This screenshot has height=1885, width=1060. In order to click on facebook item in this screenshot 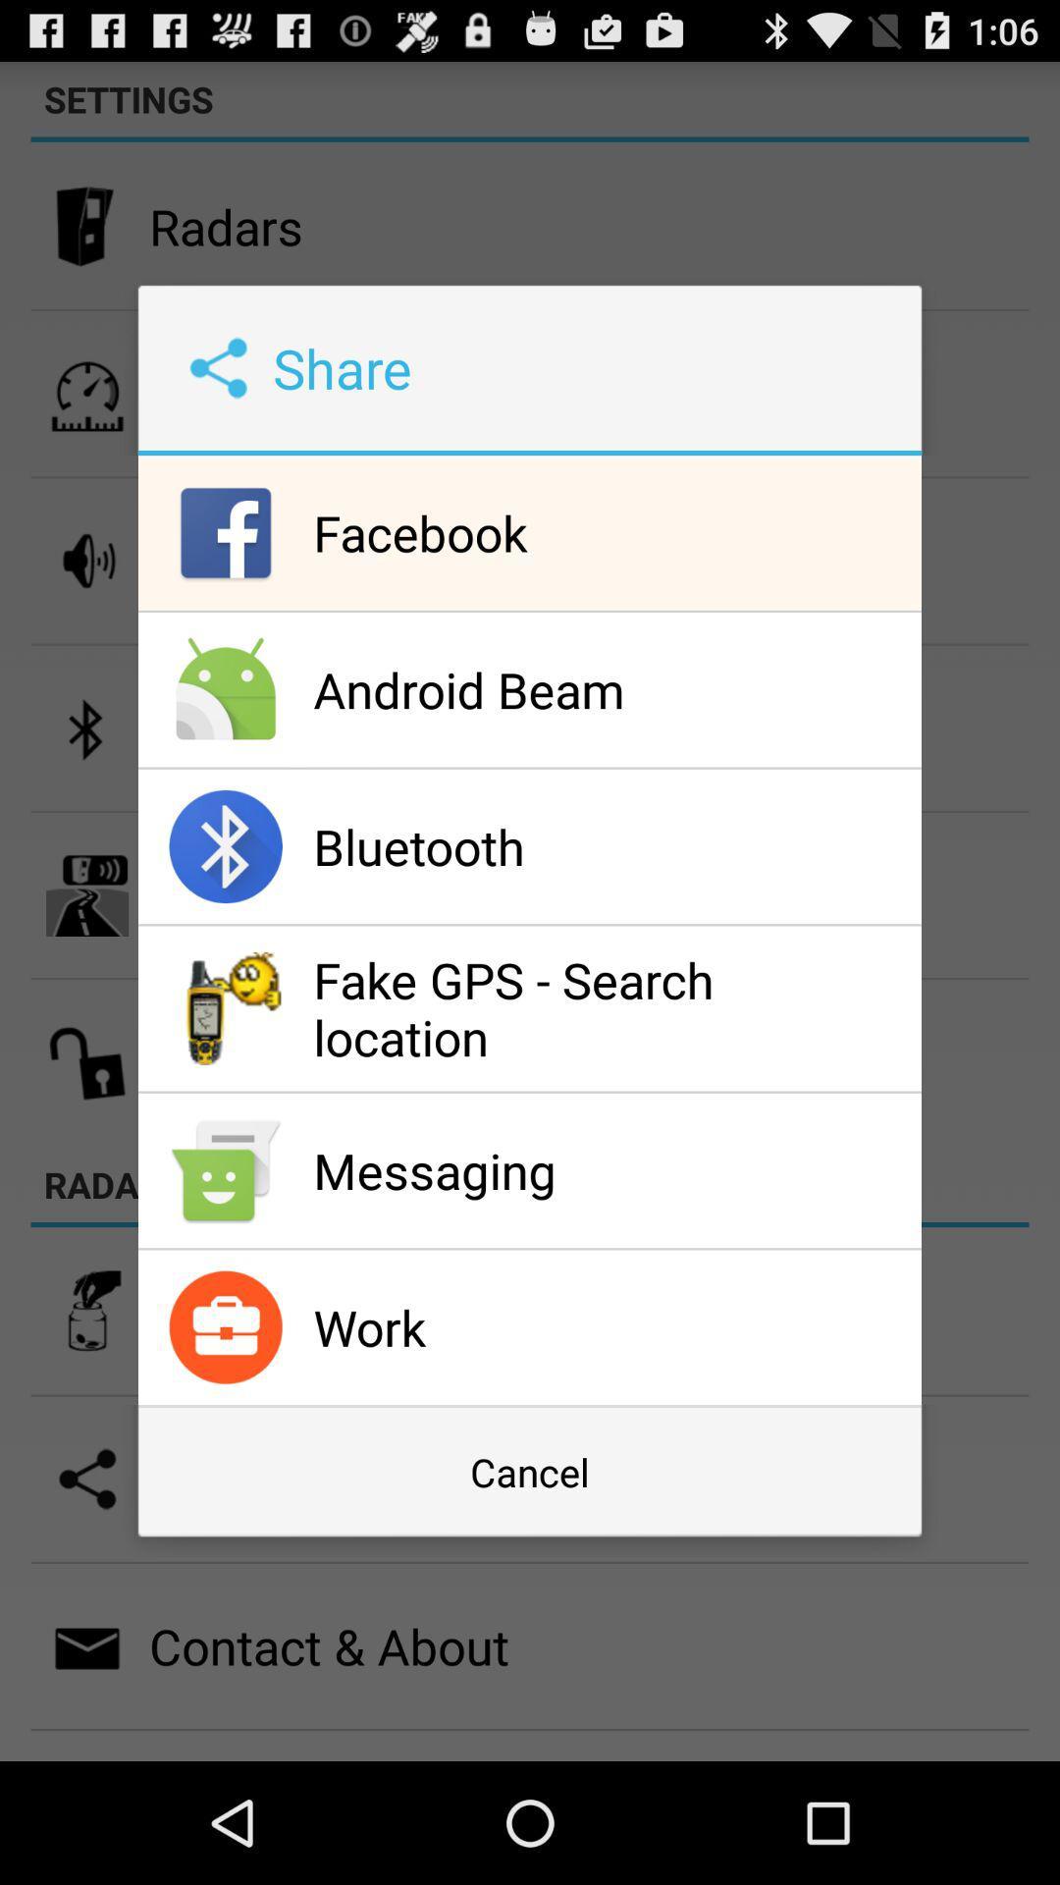, I will do `click(611, 532)`.